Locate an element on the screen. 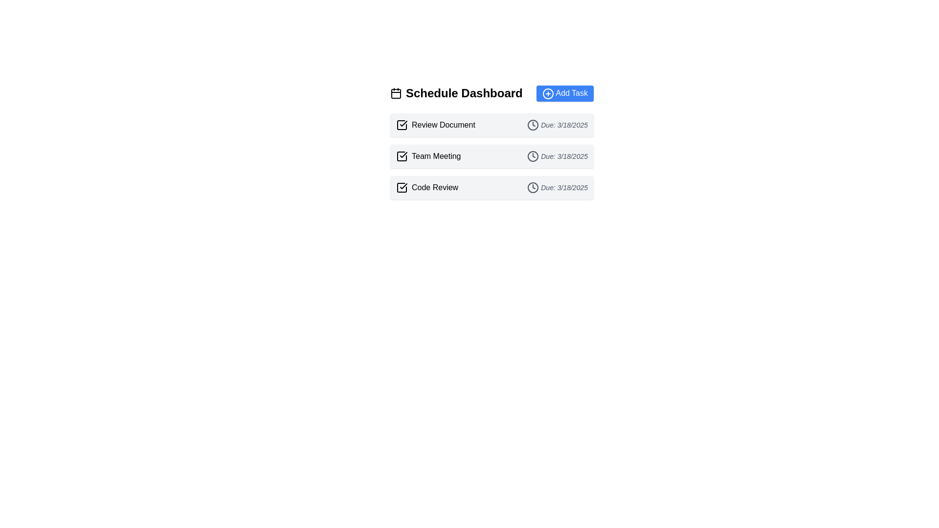 The image size is (939, 528). the small clock-shaped icon with a black border located in the second row of the task list, next to the text 'Due: 3/18/2025' is located at coordinates (533, 155).